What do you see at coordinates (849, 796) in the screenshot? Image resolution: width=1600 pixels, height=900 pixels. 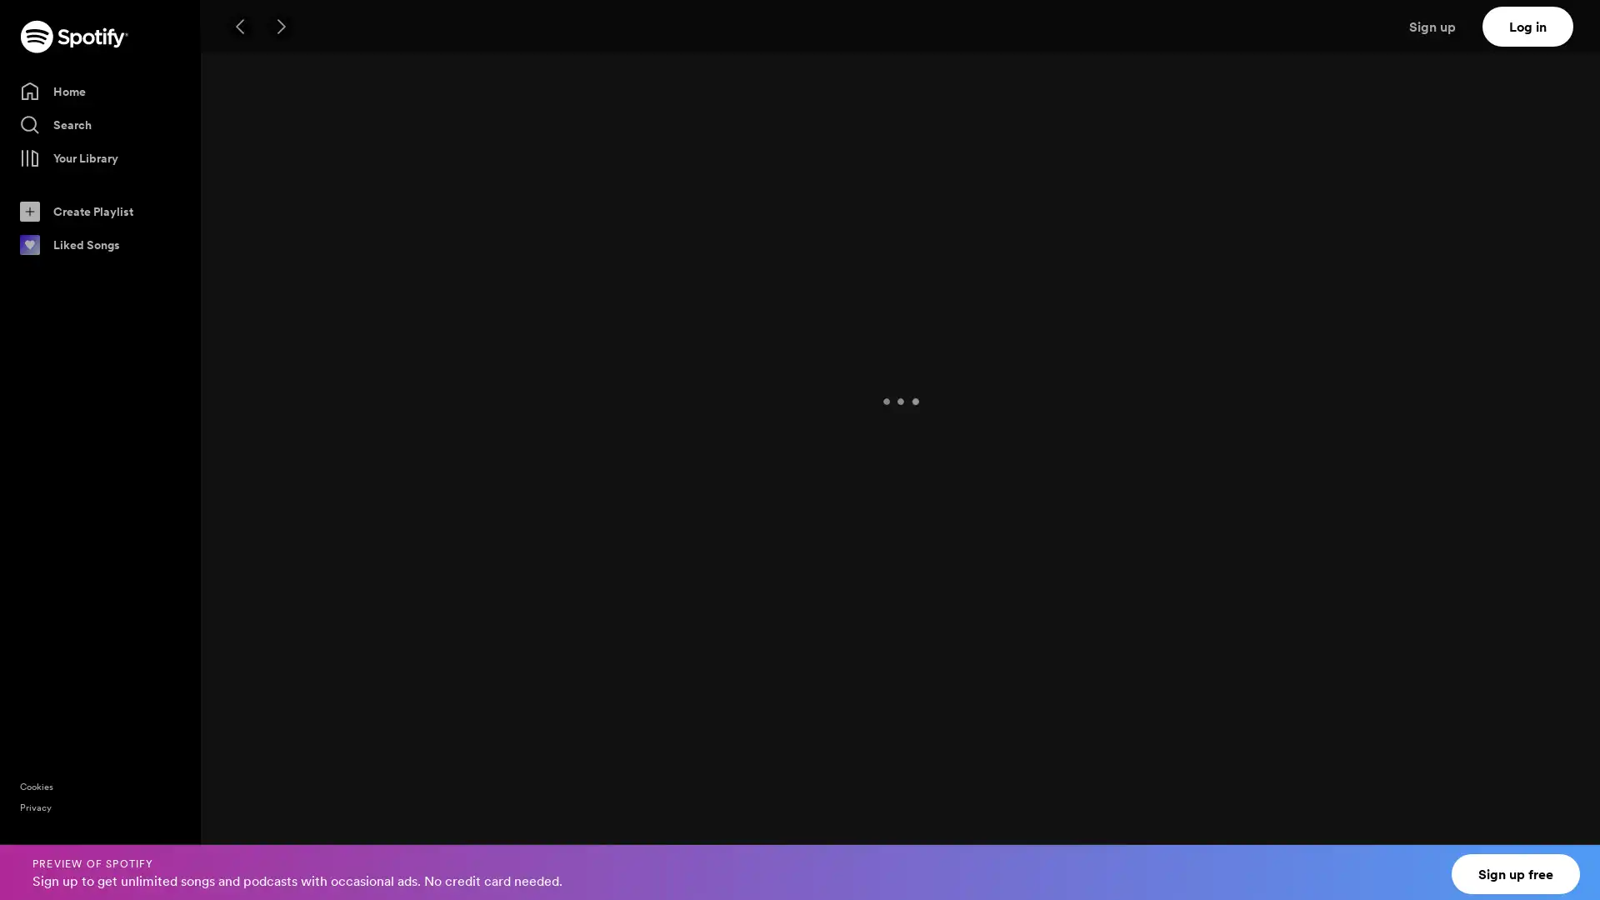 I see `Play Galva-Nice` at bounding box center [849, 796].